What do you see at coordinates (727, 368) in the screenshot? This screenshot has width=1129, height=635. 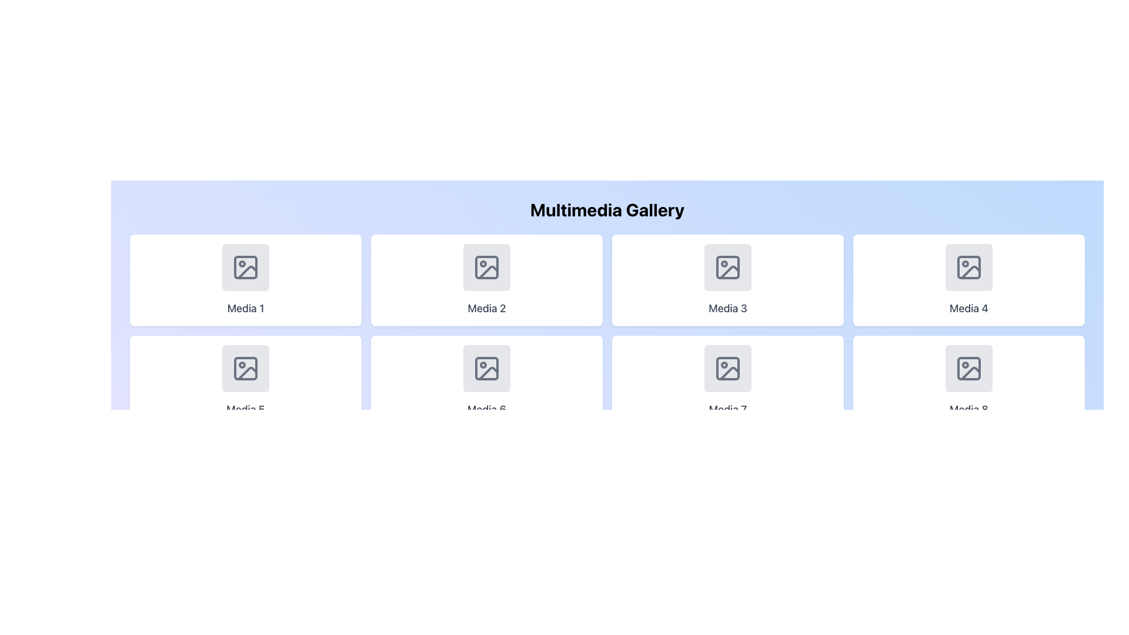 I see `the gray square with rounded corners located in the second row, first column of the gallery's seventh media block` at bounding box center [727, 368].